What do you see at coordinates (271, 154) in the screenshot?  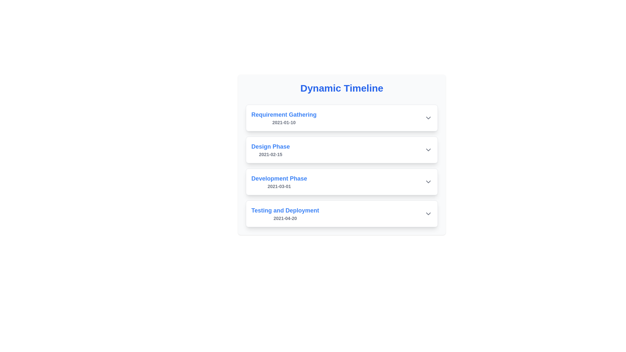 I see `the date label '2021-02-15' located below the 'Design Phase' title in the Dynamic Timeline interface` at bounding box center [271, 154].